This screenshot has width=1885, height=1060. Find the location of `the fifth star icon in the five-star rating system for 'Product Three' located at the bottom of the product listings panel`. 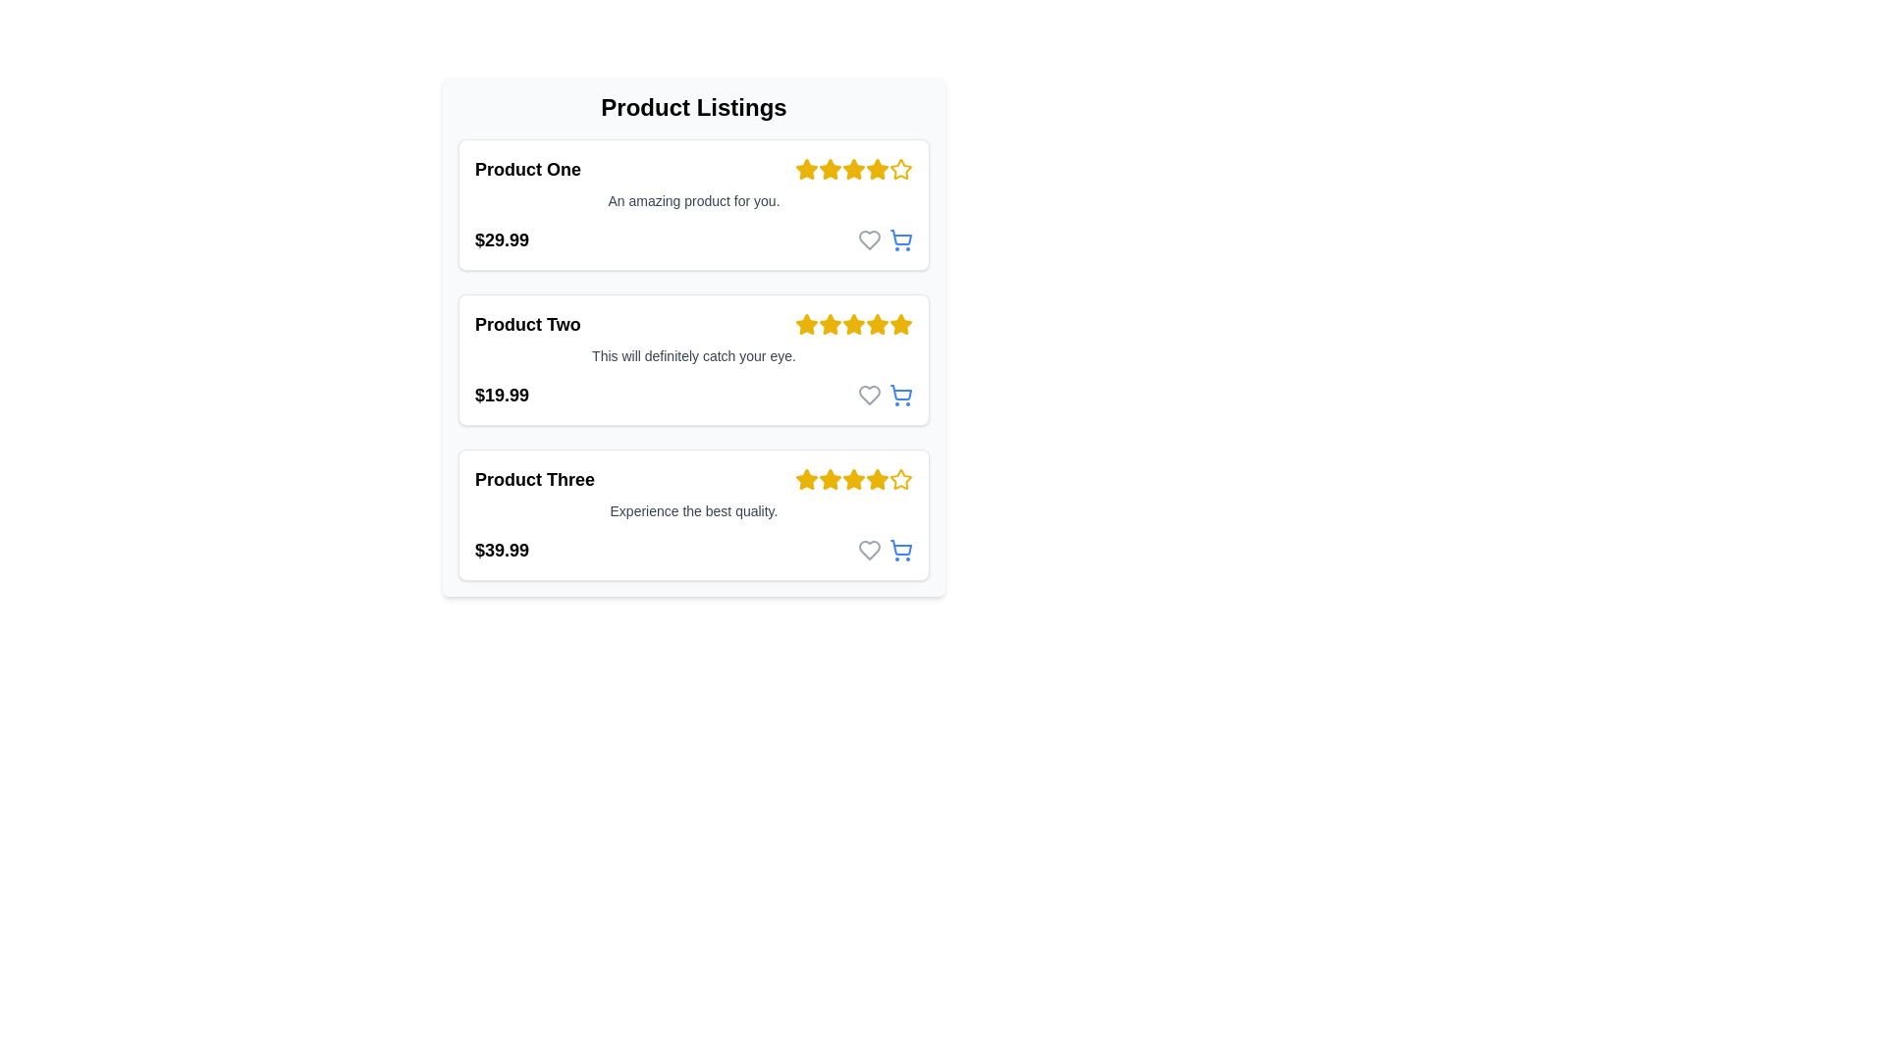

the fifth star icon in the five-star rating system for 'Product Three' located at the bottom of the product listings panel is located at coordinates (899, 479).